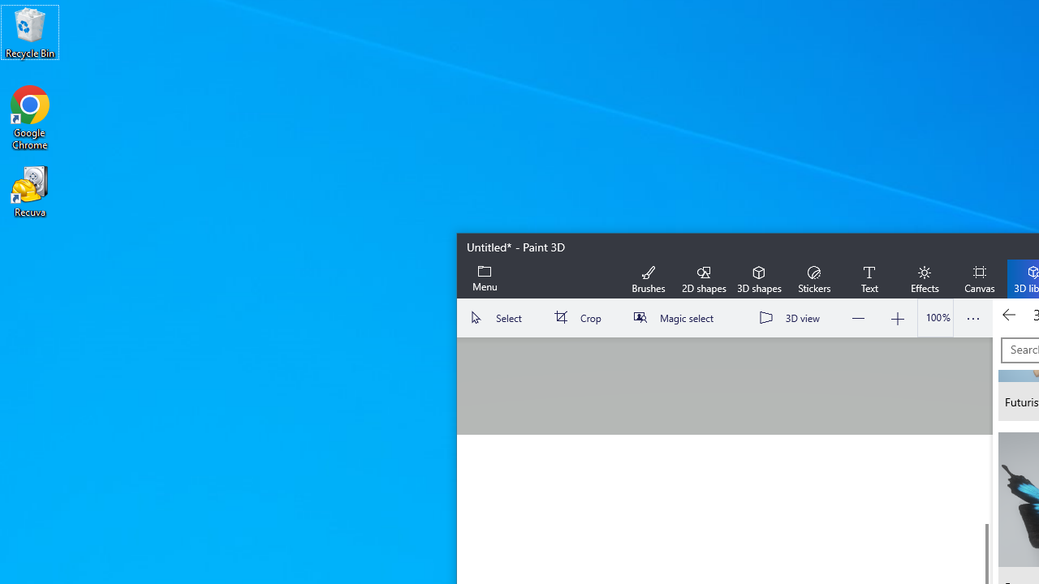 This screenshot has height=584, width=1039. Describe the element at coordinates (30, 190) in the screenshot. I see `'Recuva'` at that location.